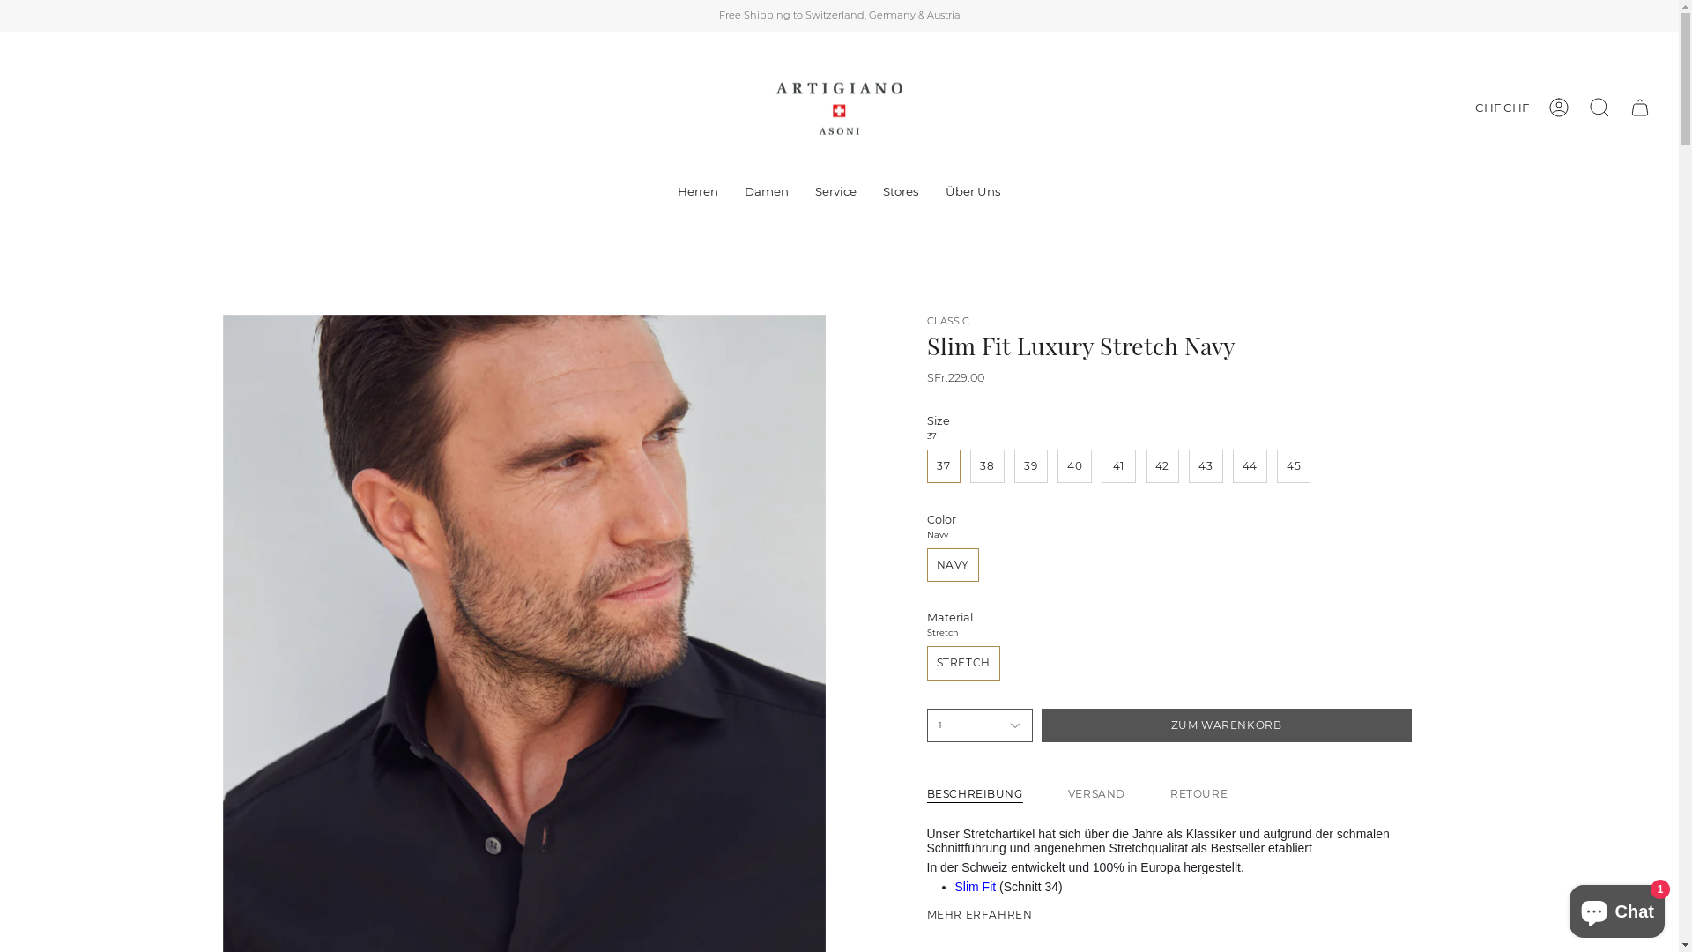  What do you see at coordinates (766, 192) in the screenshot?
I see `'Damen'` at bounding box center [766, 192].